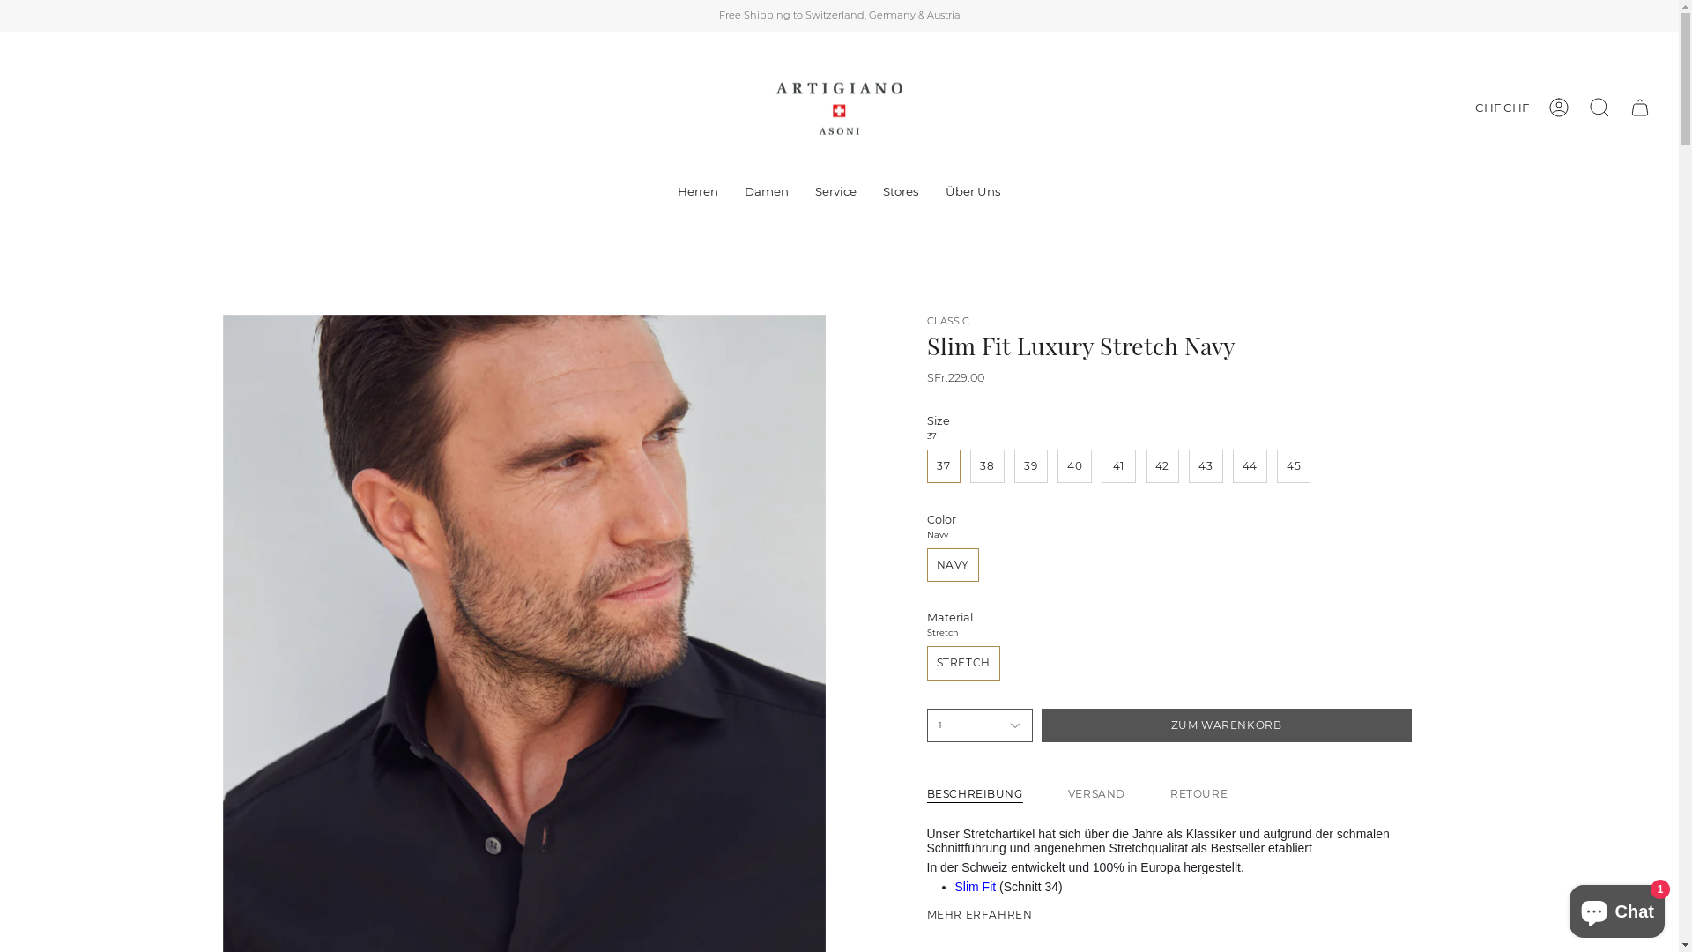  What do you see at coordinates (766, 192) in the screenshot?
I see `'Damen'` at bounding box center [766, 192].